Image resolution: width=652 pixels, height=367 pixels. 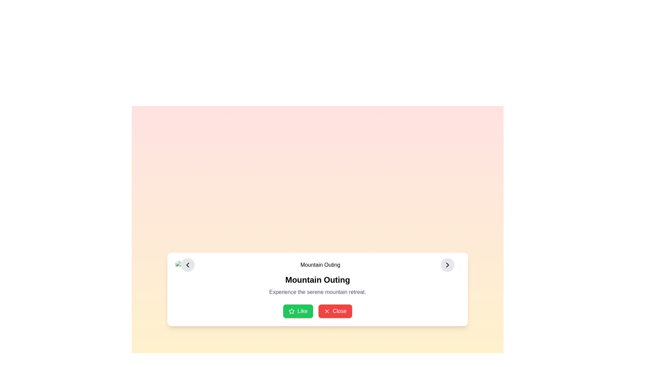 I want to click on the navigation button located in the top-right corner next to the 'Mountain Outing' image, so click(x=448, y=264).